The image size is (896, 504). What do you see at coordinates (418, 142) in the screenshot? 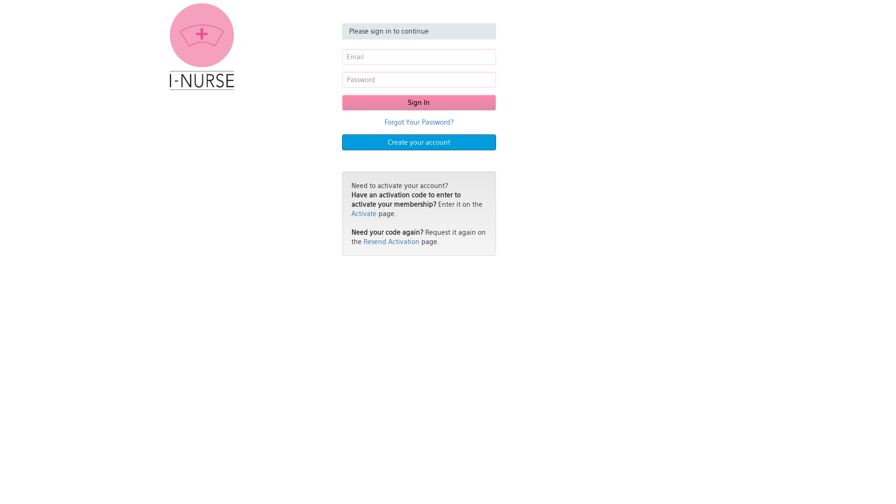
I see `'Create your account'` at bounding box center [418, 142].